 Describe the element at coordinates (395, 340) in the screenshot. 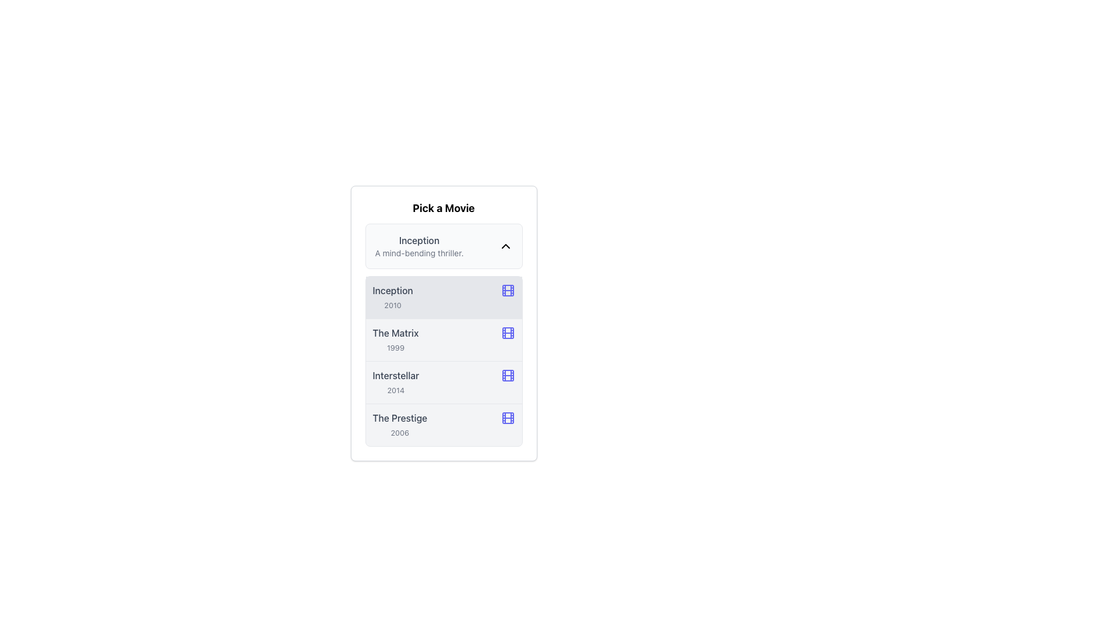

I see `text label containing information about the movie 'The Matrix' released in '1999', which is the second item in the movie selection list` at that location.